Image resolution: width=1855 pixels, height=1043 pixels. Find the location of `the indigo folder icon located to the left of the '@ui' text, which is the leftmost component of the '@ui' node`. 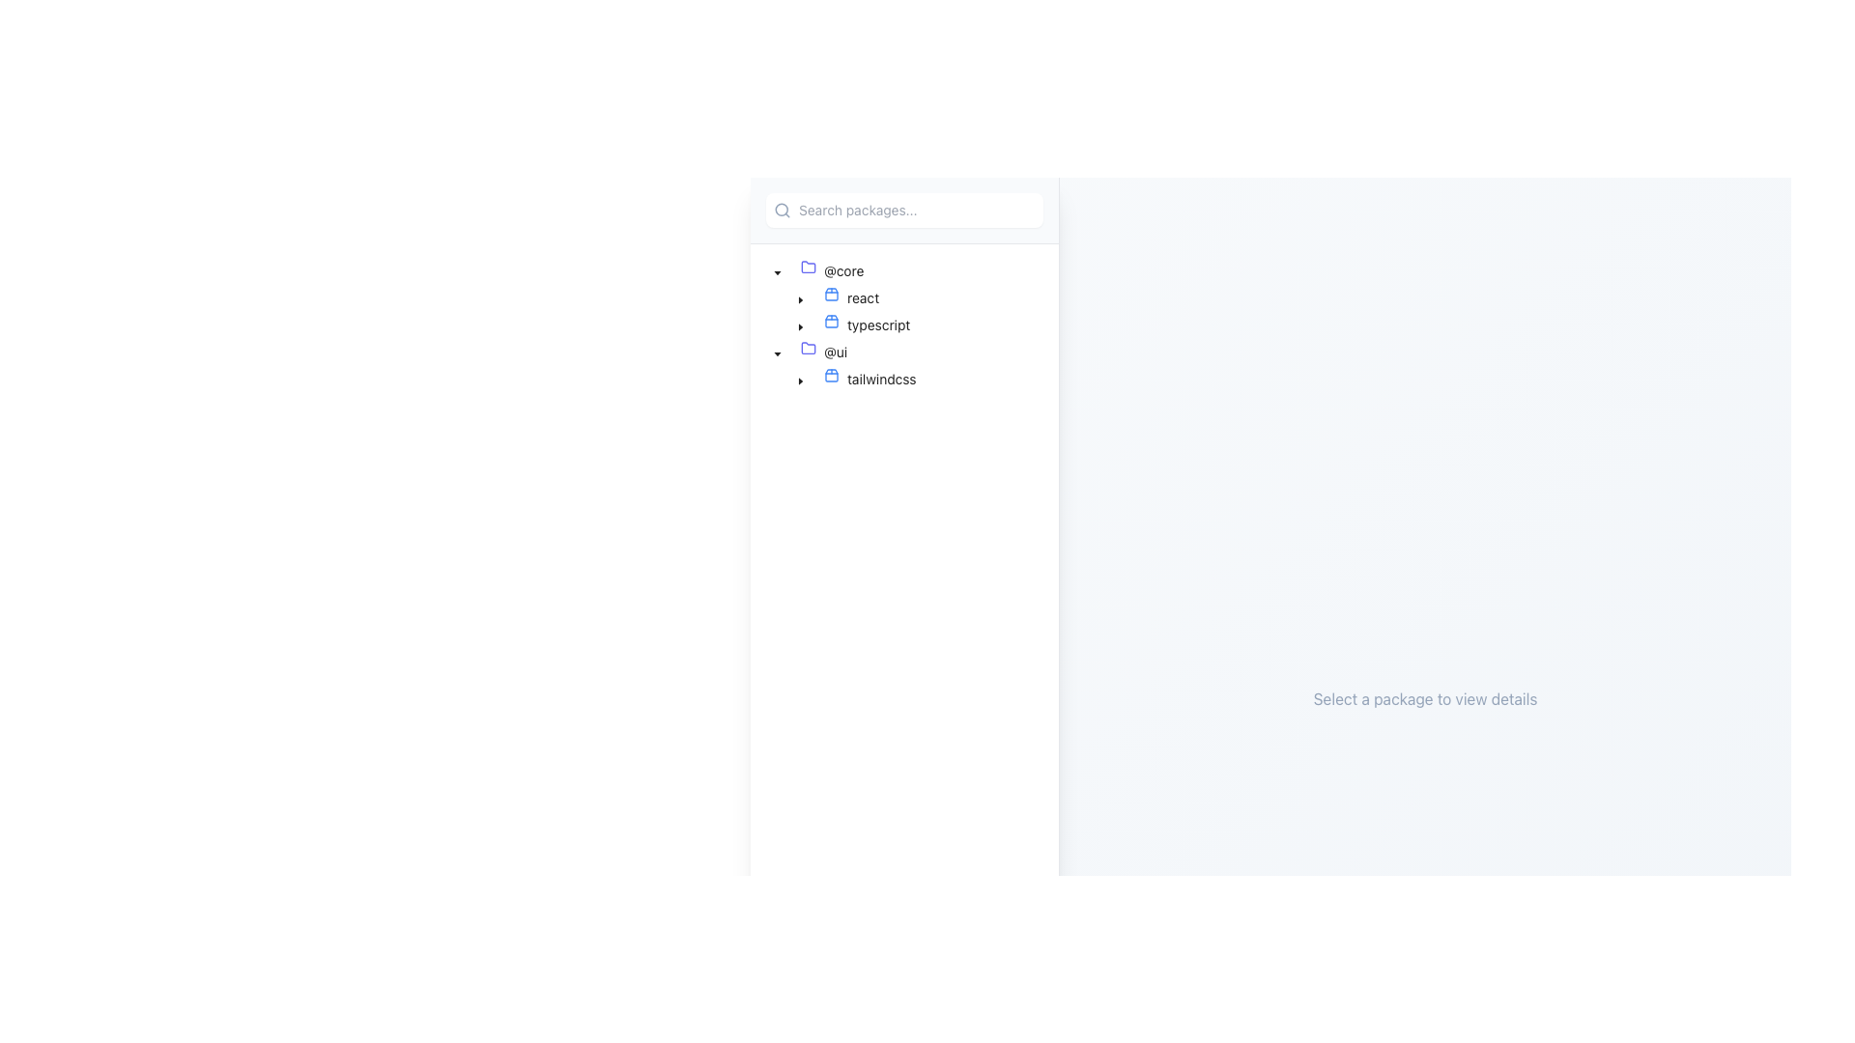

the indigo folder icon located to the left of the '@ui' text, which is the leftmost component of the '@ui' node is located at coordinates (812, 352).